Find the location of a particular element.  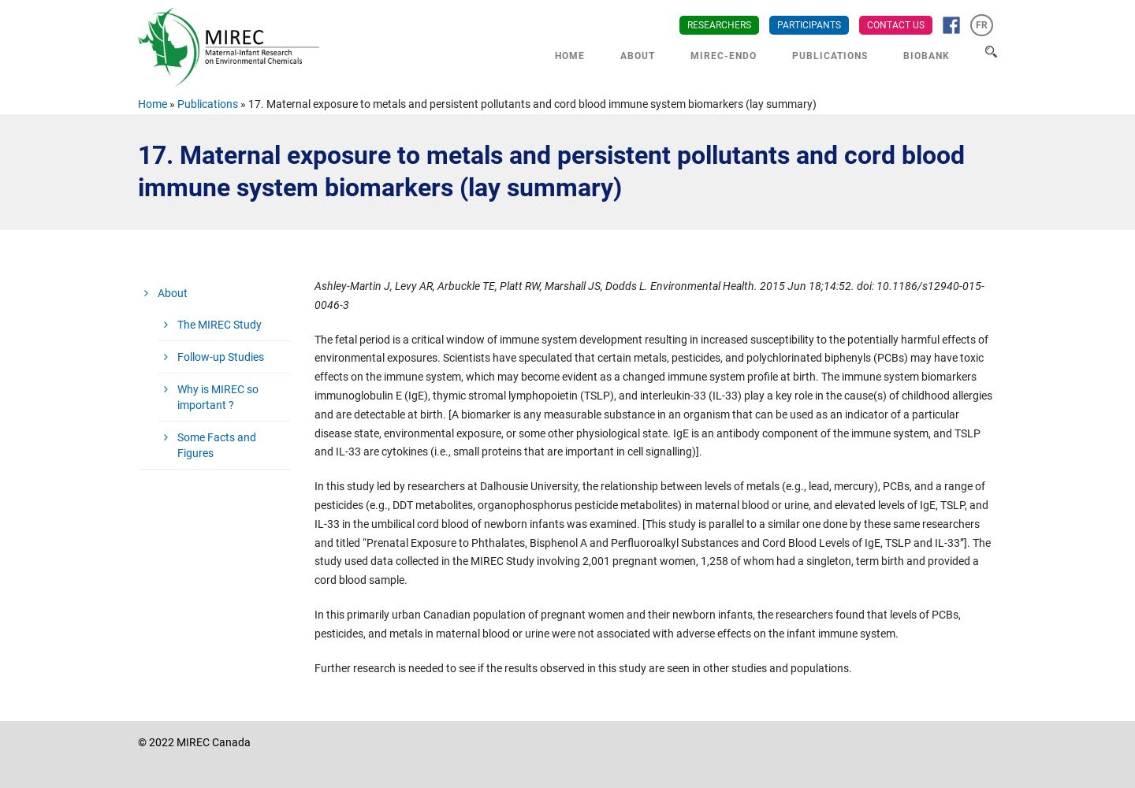

'Some Facts and Figures' is located at coordinates (177, 444).